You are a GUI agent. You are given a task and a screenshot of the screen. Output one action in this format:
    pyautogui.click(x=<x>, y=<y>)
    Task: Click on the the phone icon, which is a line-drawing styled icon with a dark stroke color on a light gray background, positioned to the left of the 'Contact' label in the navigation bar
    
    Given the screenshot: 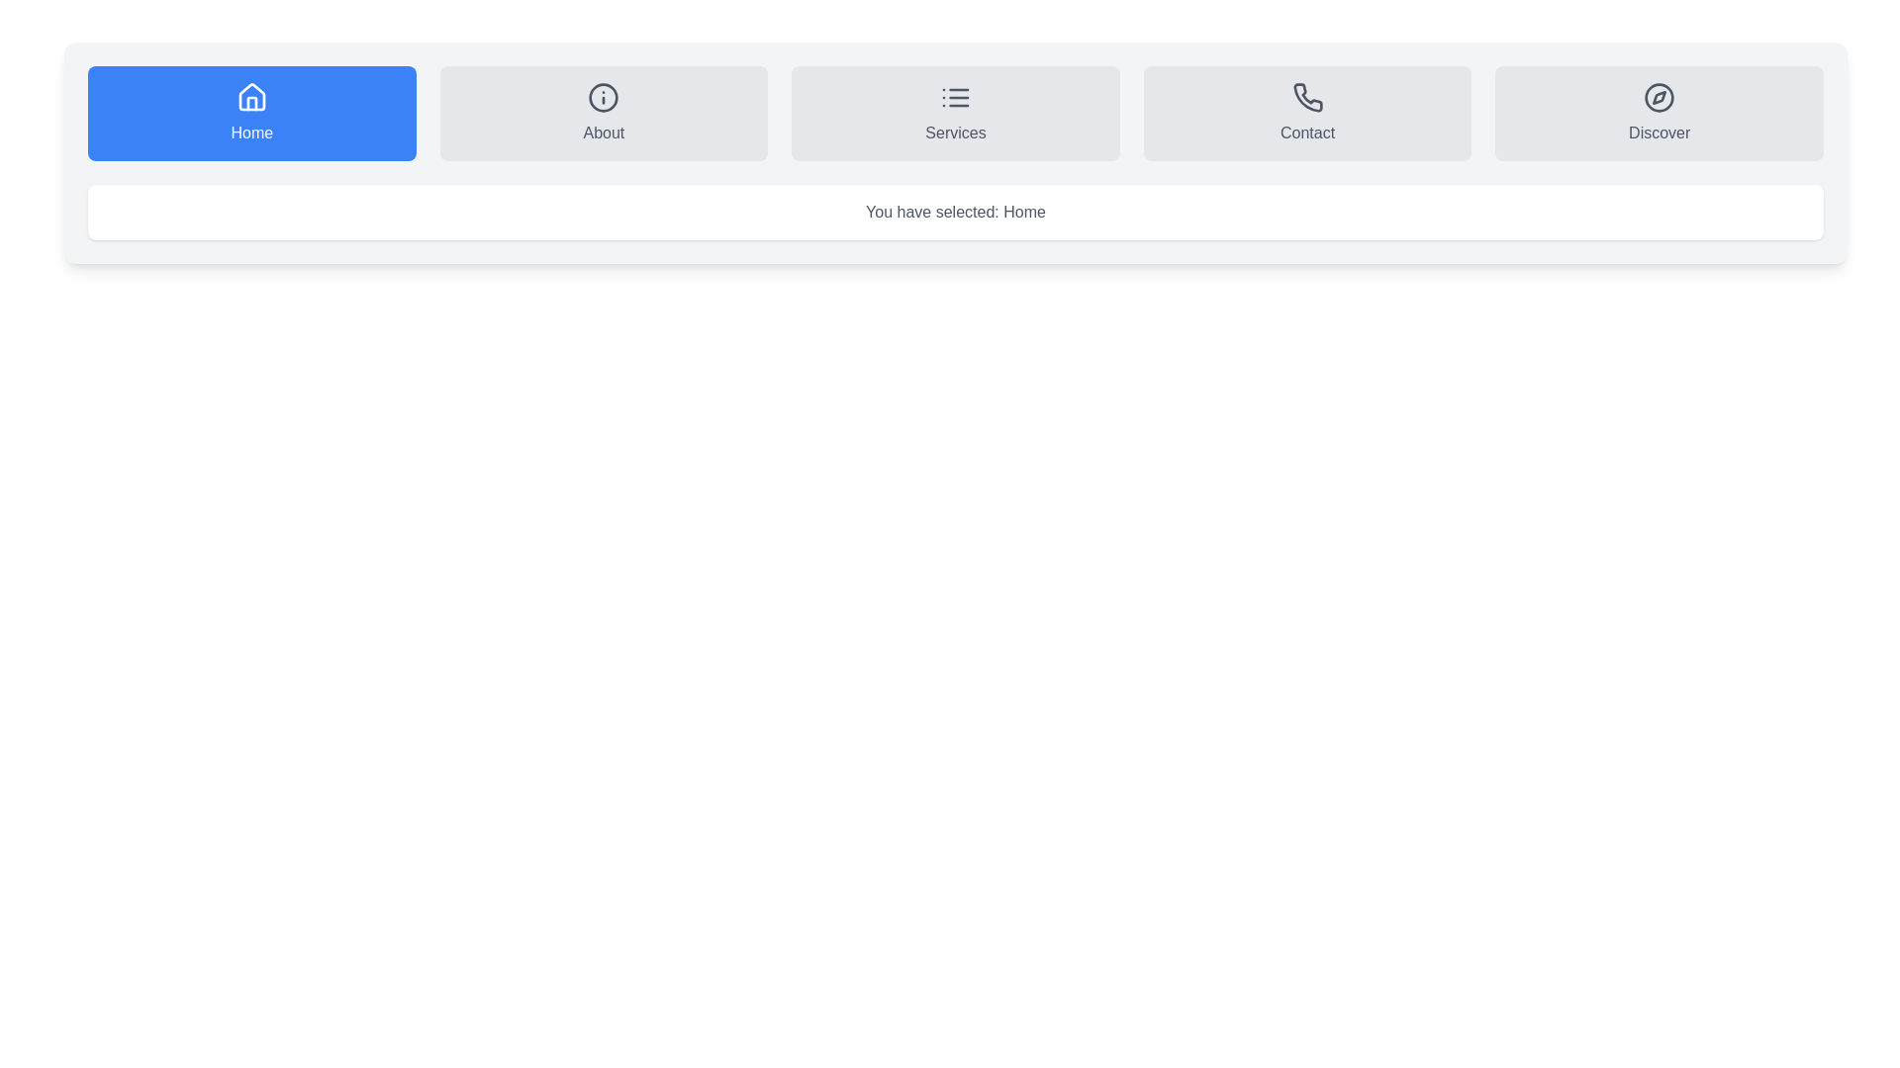 What is the action you would take?
    pyautogui.click(x=1307, y=98)
    